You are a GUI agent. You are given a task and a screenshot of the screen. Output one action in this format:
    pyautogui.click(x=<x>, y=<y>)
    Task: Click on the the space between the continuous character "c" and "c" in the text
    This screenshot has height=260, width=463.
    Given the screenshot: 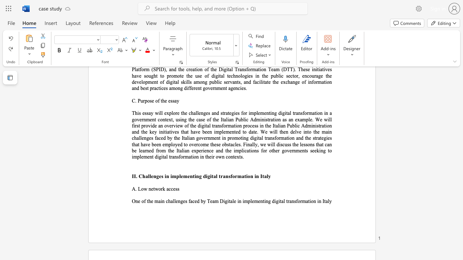 What is the action you would take?
    pyautogui.click(x=170, y=188)
    